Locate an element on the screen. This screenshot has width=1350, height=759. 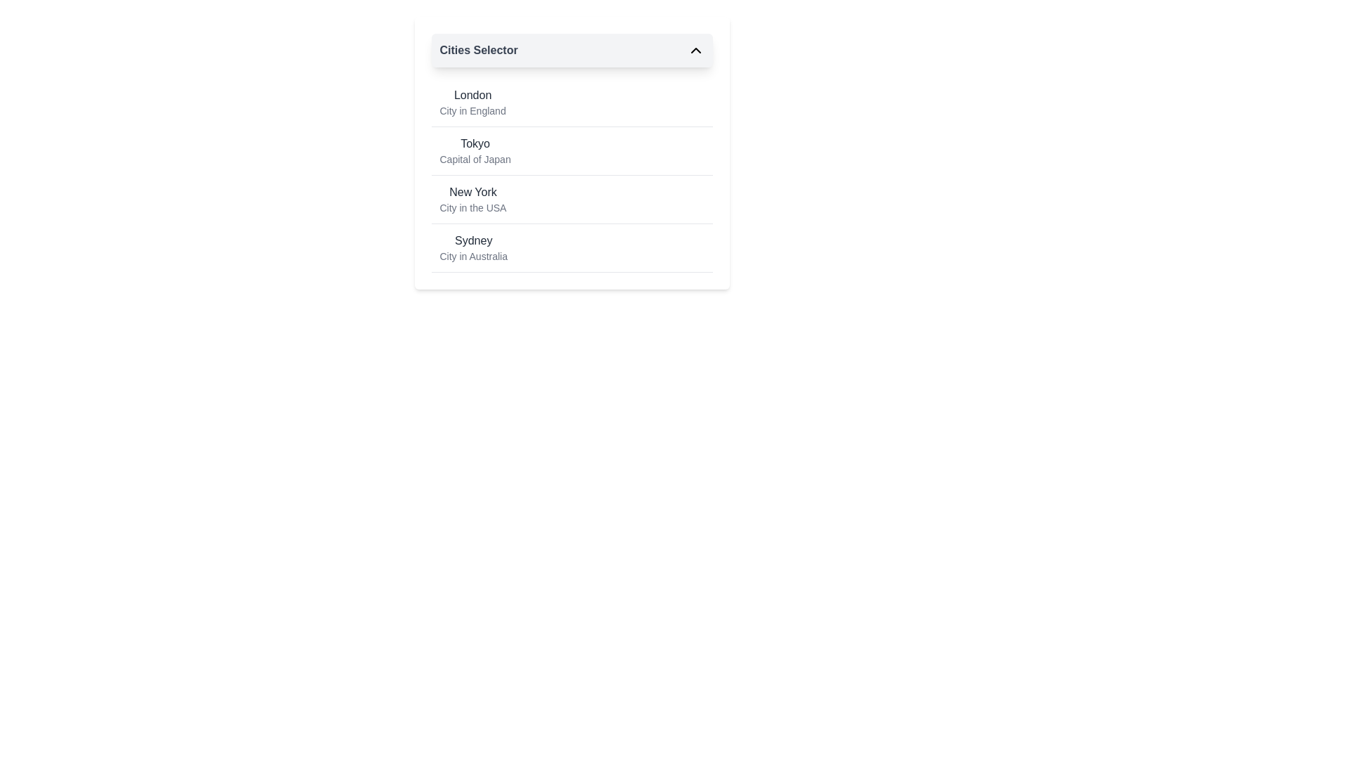
the selectable list item for 'Tokyo' in the drop-down menu is located at coordinates (572, 153).